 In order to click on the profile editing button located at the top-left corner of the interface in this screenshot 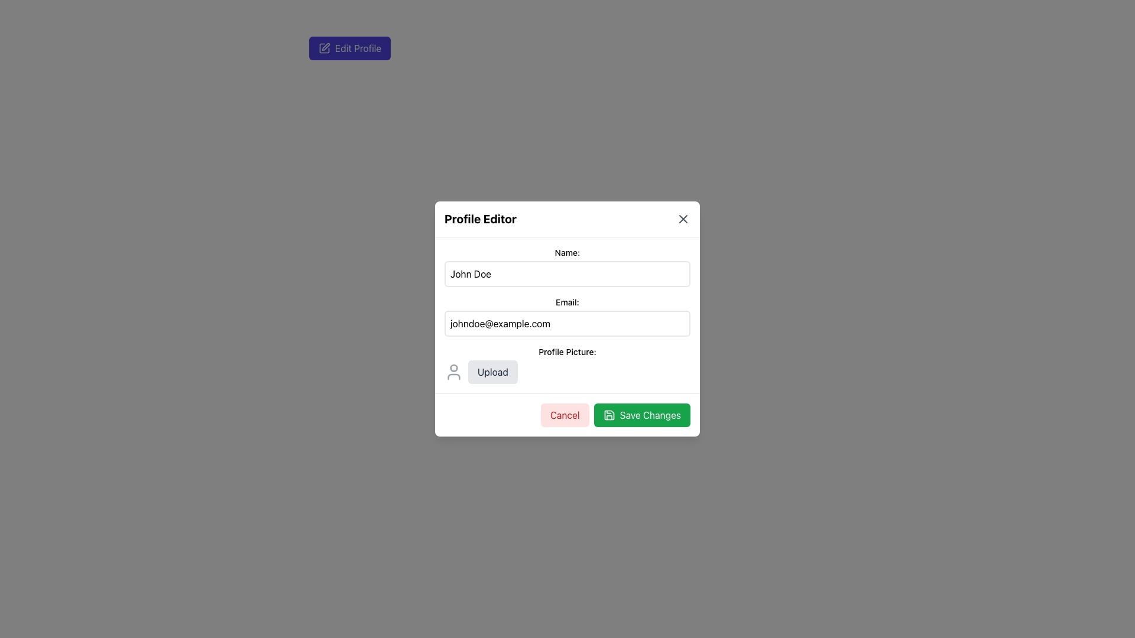, I will do `click(349, 47)`.